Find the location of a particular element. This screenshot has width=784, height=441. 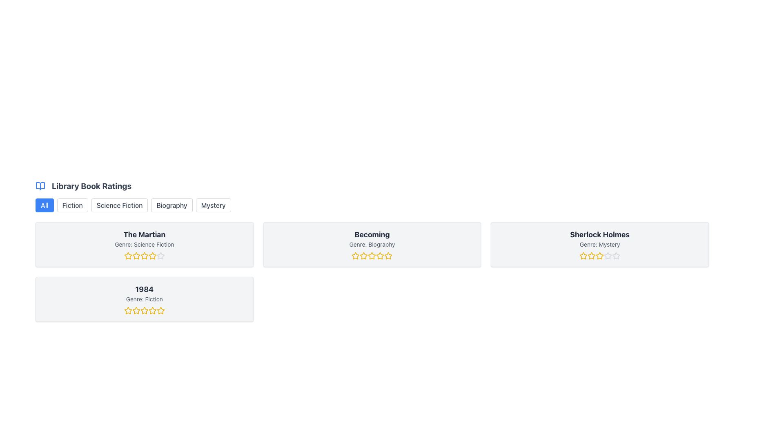

the third star icon representing the third rating level for the book 'The Martian' under the 'Library Book Ratings' heading is located at coordinates (136, 256).